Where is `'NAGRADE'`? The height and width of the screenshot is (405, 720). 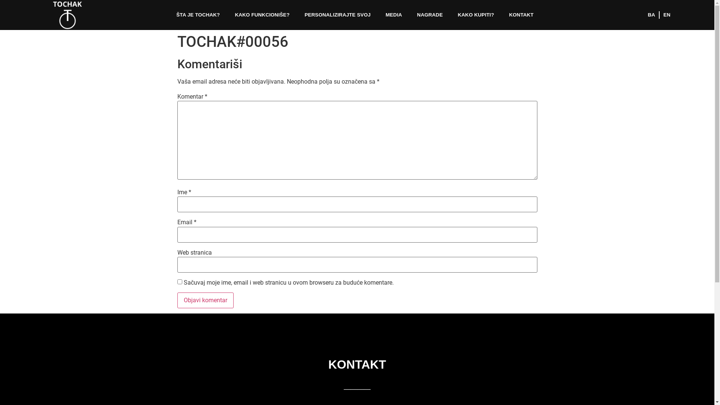
'NAGRADE' is located at coordinates (409, 15).